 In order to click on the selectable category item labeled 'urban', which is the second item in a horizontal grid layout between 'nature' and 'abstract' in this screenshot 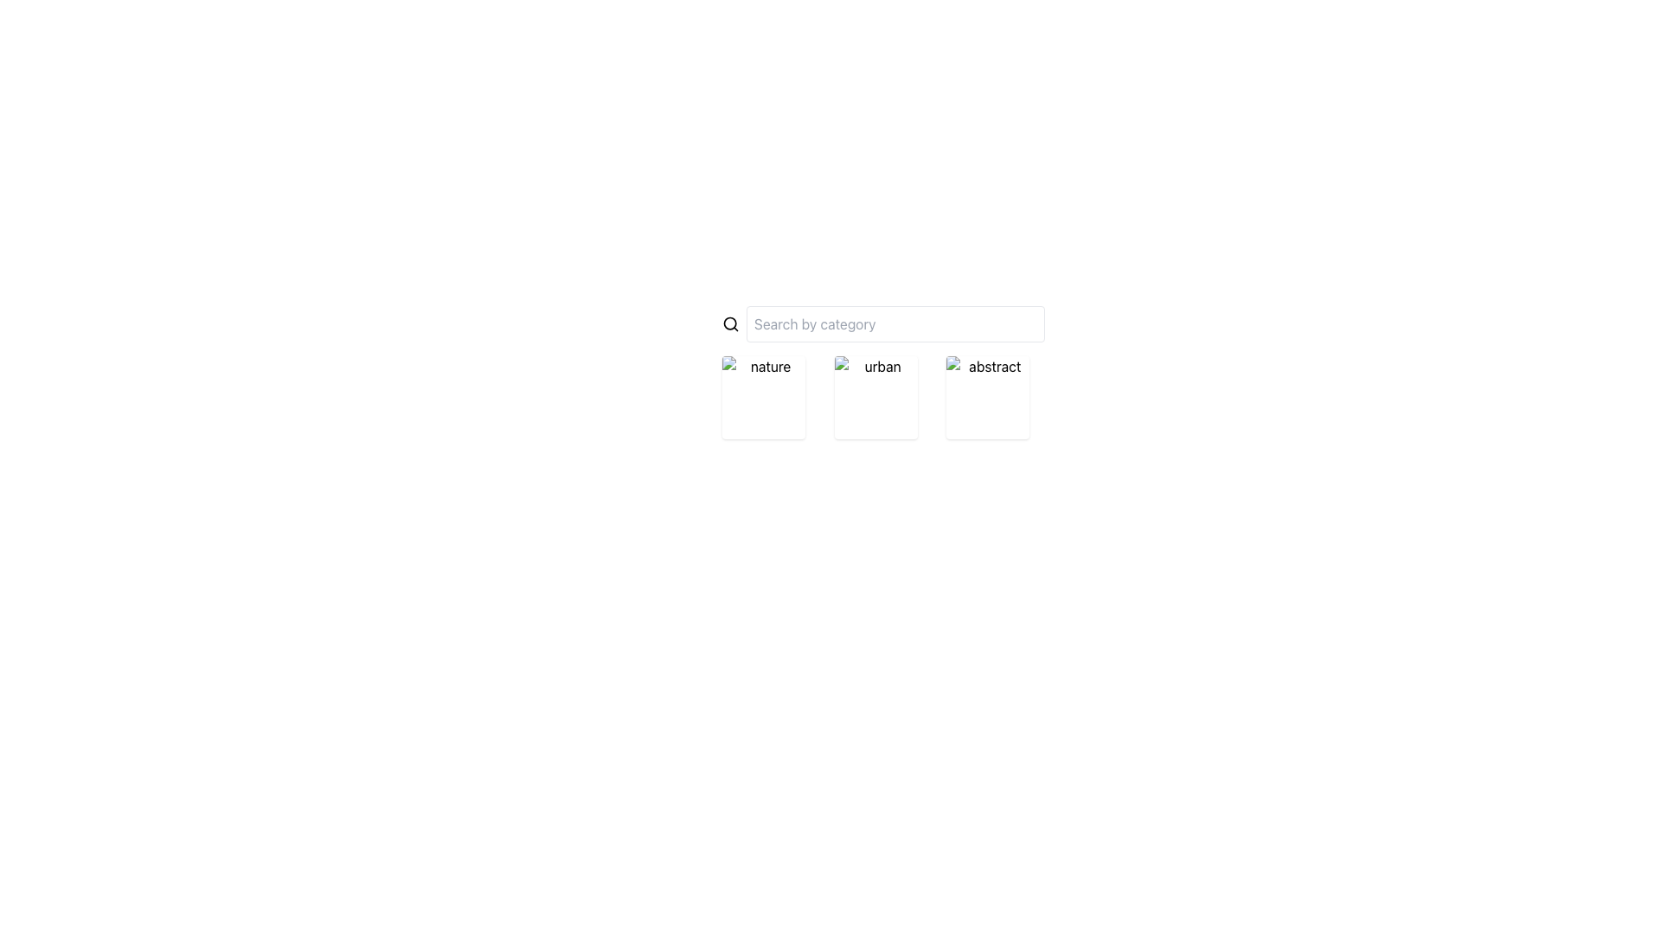, I will do `click(883, 397)`.